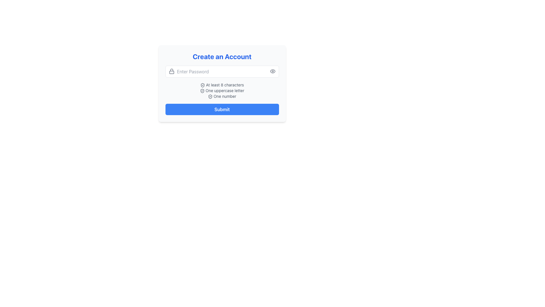 Image resolution: width=545 pixels, height=307 pixels. Describe the element at coordinates (222, 90) in the screenshot. I see `the second item in the password requirements section that indicates the need for at least one uppercase letter` at that location.